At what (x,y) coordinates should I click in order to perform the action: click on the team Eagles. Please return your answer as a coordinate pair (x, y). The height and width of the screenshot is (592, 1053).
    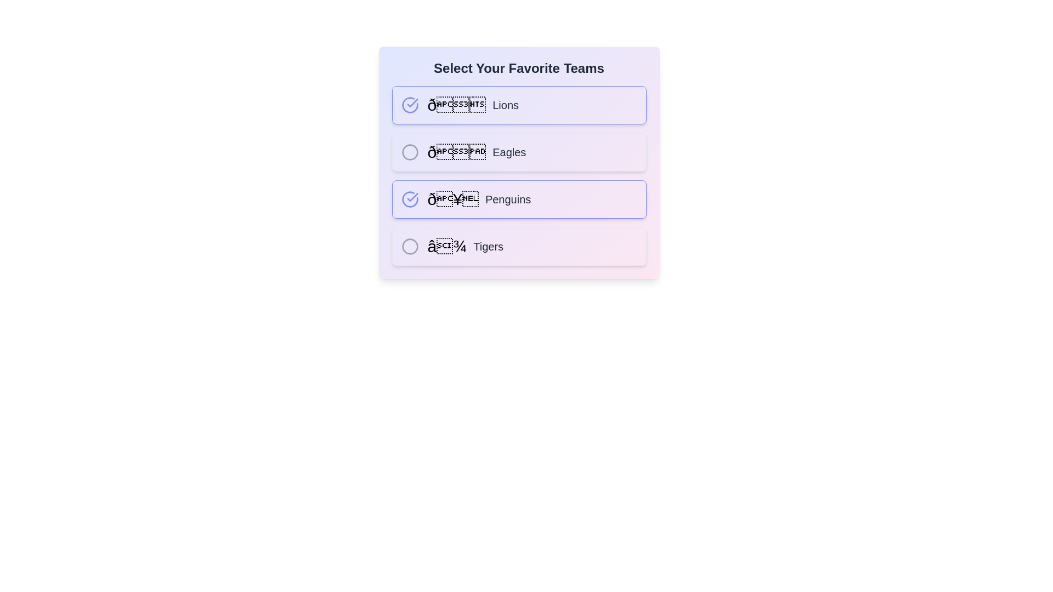
    Looking at the image, I should click on (409, 152).